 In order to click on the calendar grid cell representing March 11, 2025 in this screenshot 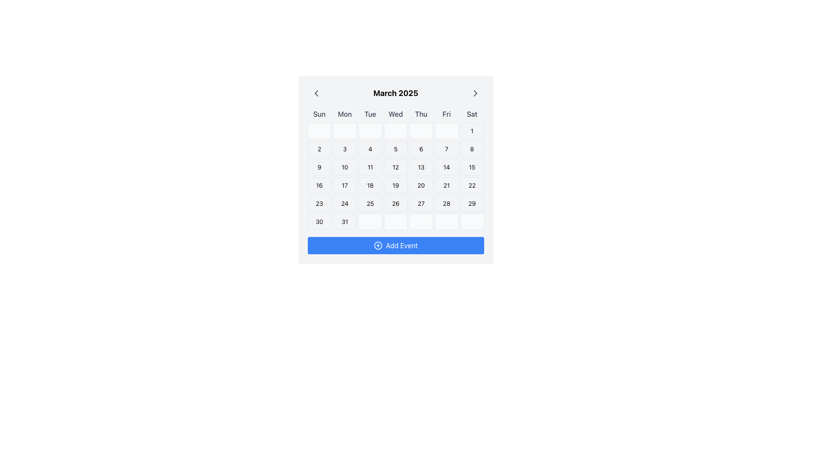, I will do `click(370, 167)`.